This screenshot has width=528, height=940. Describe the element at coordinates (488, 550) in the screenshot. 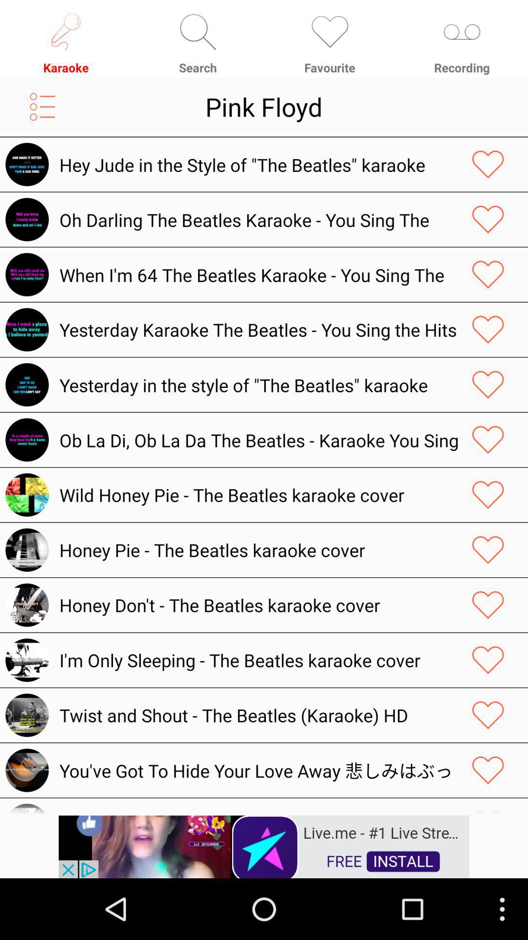

I see `mark as a favorite` at that location.